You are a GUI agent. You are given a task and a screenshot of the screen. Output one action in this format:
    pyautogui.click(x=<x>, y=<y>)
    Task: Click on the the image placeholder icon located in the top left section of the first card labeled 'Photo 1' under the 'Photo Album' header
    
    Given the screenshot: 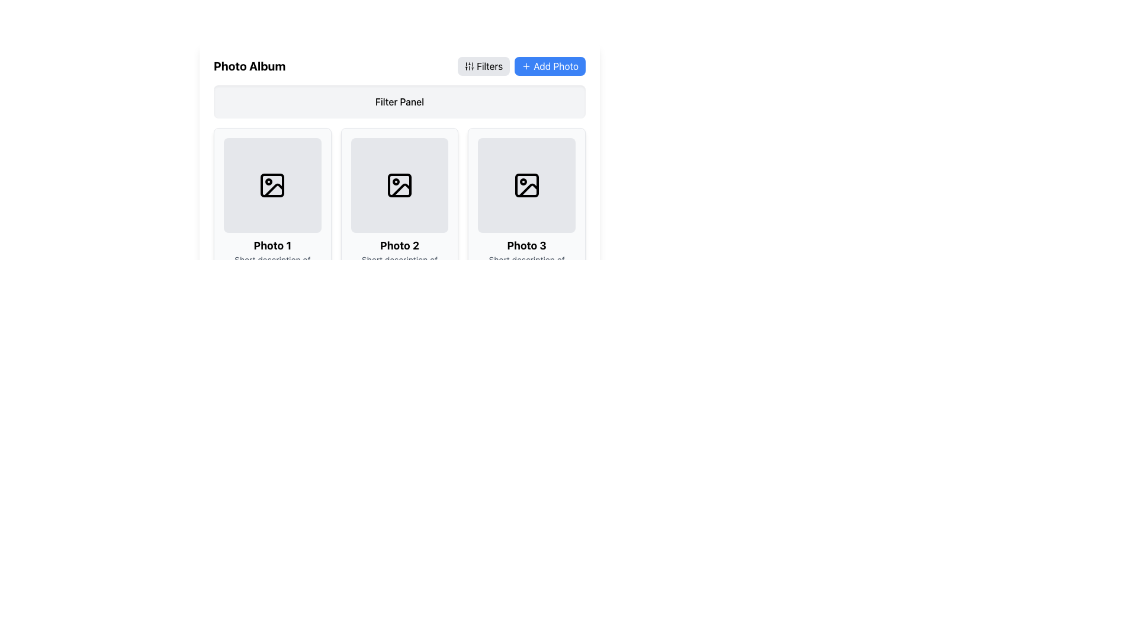 What is the action you would take?
    pyautogui.click(x=272, y=185)
    